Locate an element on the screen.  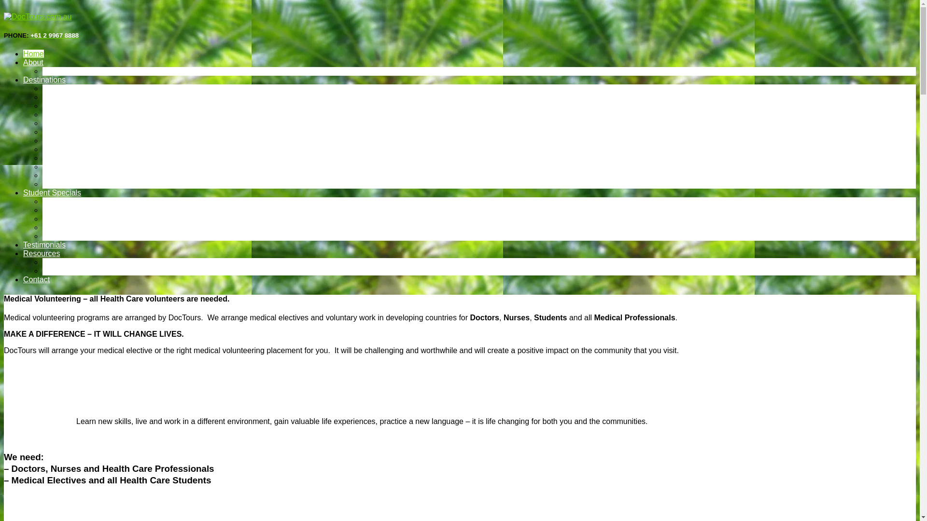
'Timor Leste' is located at coordinates (42, 149).